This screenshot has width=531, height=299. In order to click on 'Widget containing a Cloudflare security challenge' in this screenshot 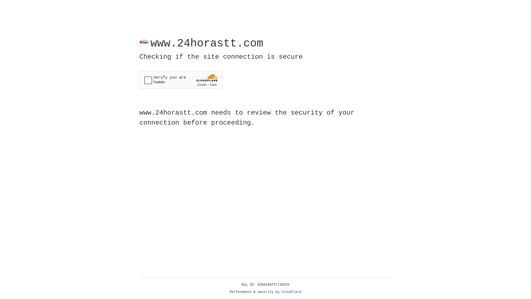, I will do `click(181, 80)`.